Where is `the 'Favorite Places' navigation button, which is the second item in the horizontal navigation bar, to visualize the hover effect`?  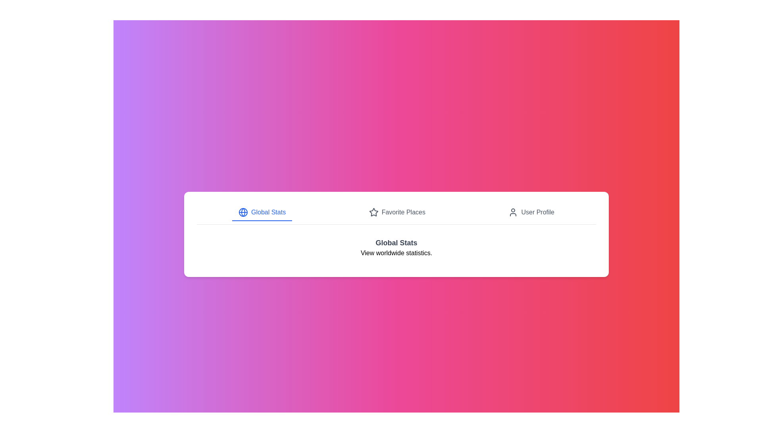
the 'Favorite Places' navigation button, which is the second item in the horizontal navigation bar, to visualize the hover effect is located at coordinates (397, 212).